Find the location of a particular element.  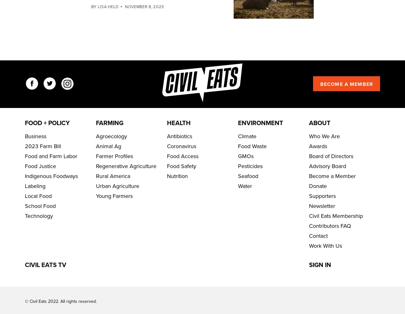

'Contact' is located at coordinates (318, 254).